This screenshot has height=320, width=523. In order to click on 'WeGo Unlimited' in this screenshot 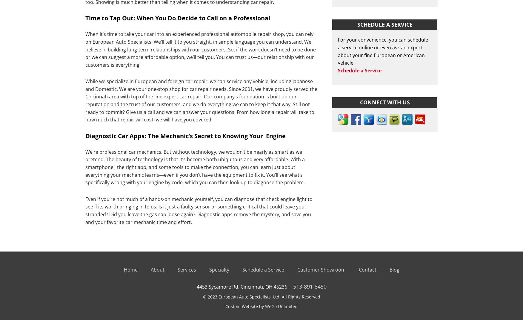, I will do `click(281, 306)`.